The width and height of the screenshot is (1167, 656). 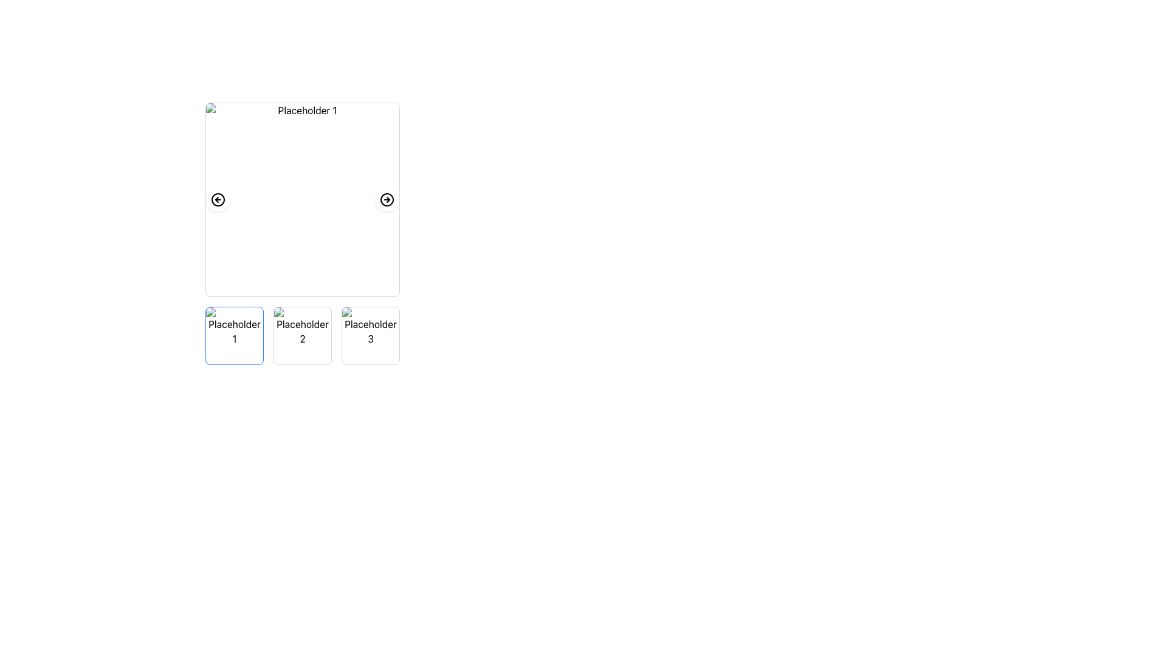 I want to click on the image placeholder box labeled 'Placeholder 3', which is a square with rounded corners and a gray border, so click(x=370, y=335).